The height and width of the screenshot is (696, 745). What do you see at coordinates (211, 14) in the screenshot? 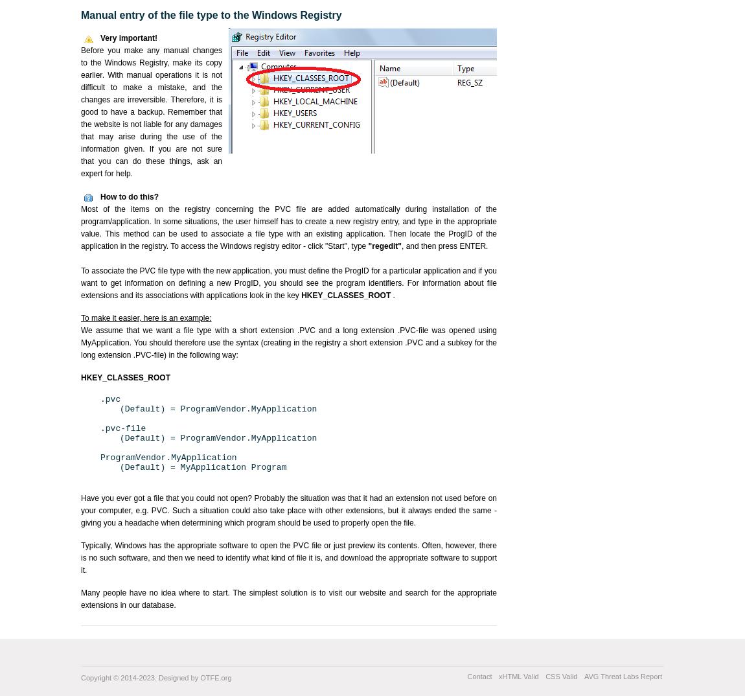
I see `'Manual entry of the file type to the Windows Registry'` at bounding box center [211, 14].